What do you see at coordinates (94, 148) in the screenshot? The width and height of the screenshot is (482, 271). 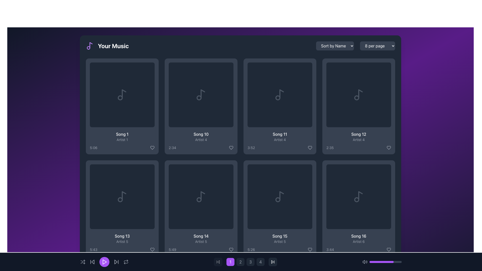 I see `the text label displaying '5:06' which indicates the duration of the first song in the 'Your Music' section, located under the song title 'Song 1'` at bounding box center [94, 148].